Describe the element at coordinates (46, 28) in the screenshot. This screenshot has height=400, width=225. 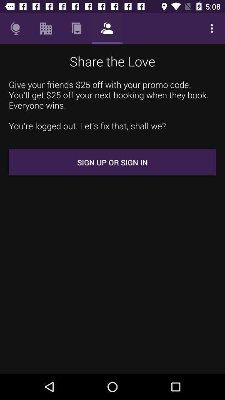
I see `the icon above give your friends` at that location.